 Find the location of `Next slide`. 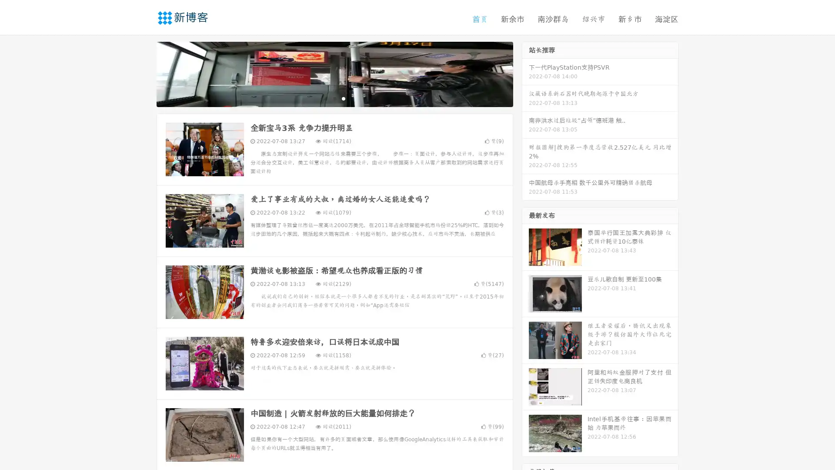

Next slide is located at coordinates (525, 73).